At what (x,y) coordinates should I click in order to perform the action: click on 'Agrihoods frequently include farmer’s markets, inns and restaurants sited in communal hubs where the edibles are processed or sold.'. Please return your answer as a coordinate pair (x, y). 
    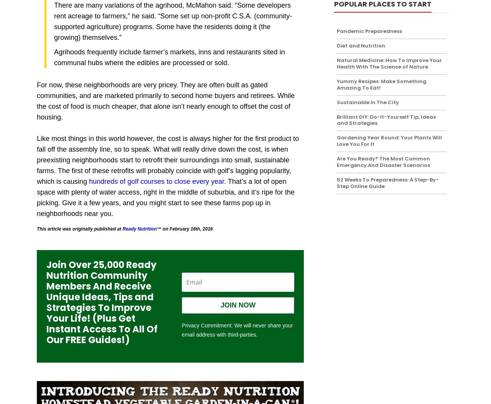
    Looking at the image, I should click on (54, 57).